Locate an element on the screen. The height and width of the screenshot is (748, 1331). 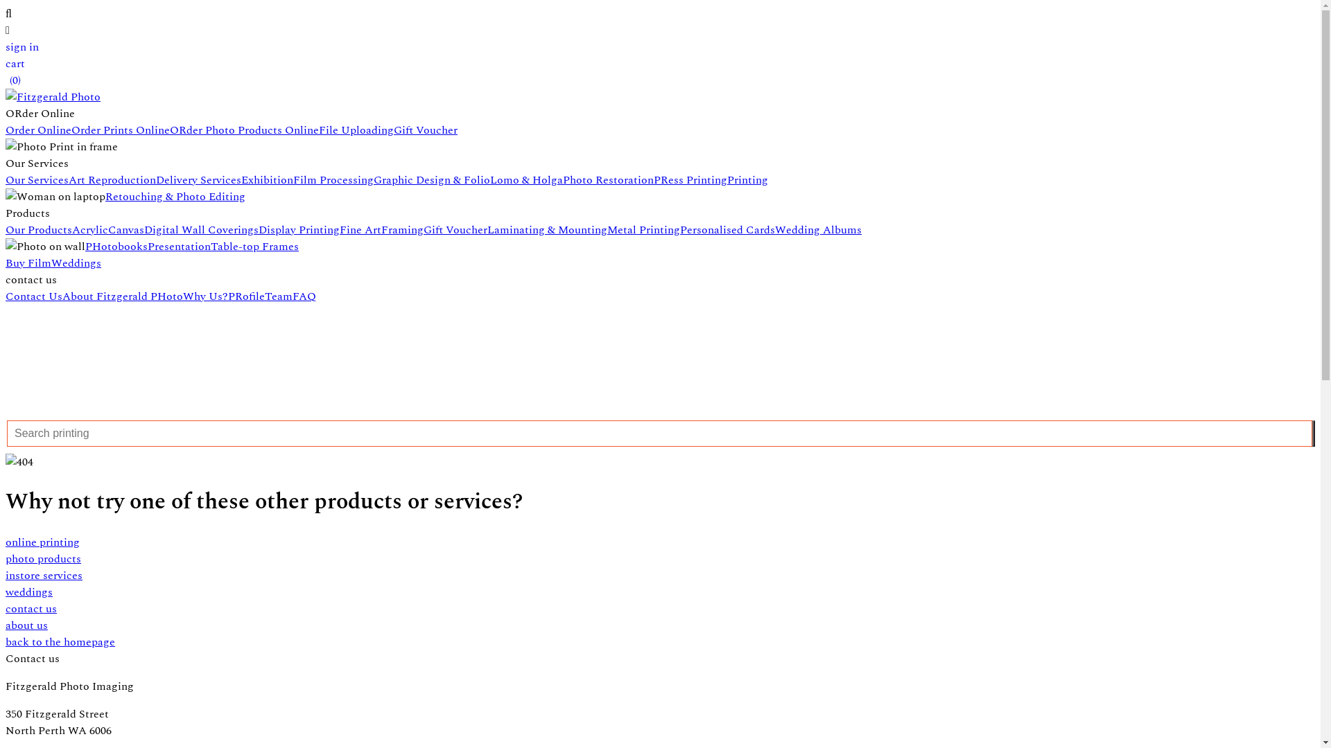
'Canvas' is located at coordinates (126, 229).